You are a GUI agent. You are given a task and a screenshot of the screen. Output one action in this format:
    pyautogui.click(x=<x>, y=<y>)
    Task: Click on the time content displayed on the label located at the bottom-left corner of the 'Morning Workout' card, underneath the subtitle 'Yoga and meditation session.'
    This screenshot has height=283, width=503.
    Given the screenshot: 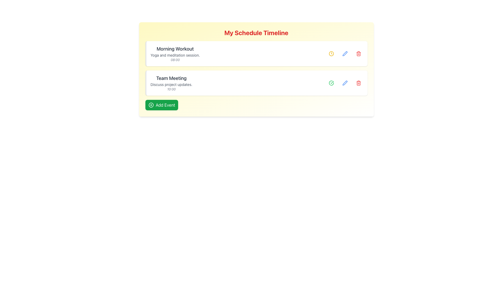 What is the action you would take?
    pyautogui.click(x=175, y=59)
    